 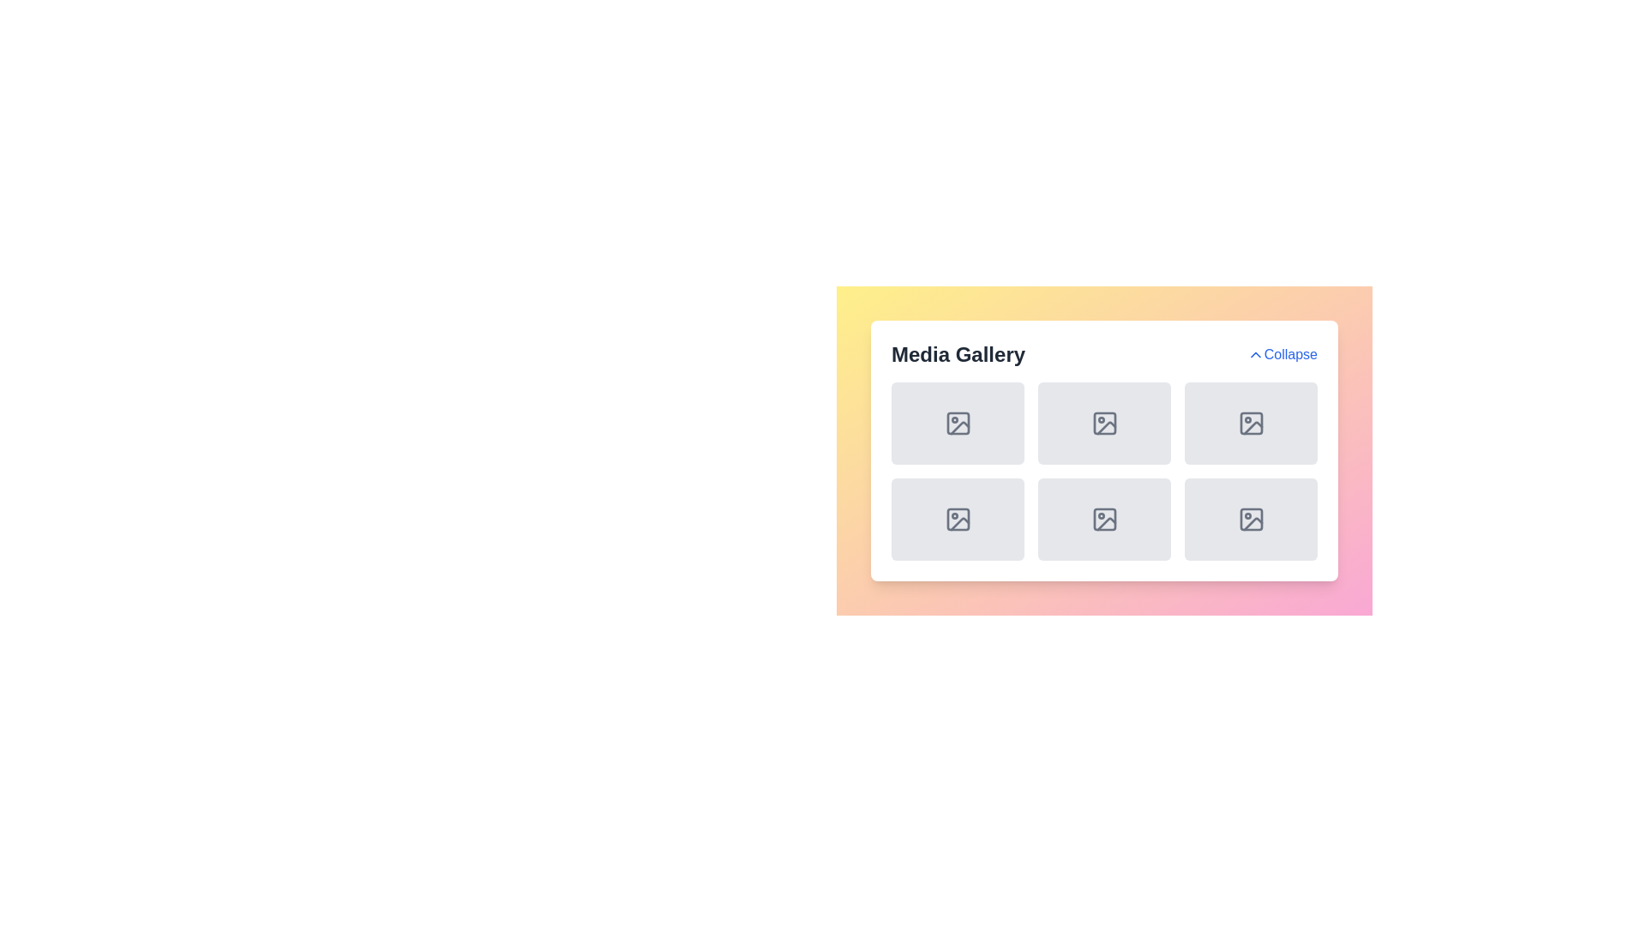 I want to click on the image placeholder icon located in the last row and second column of a 3x2 grid layout within the gallery interface, so click(x=1104, y=518).